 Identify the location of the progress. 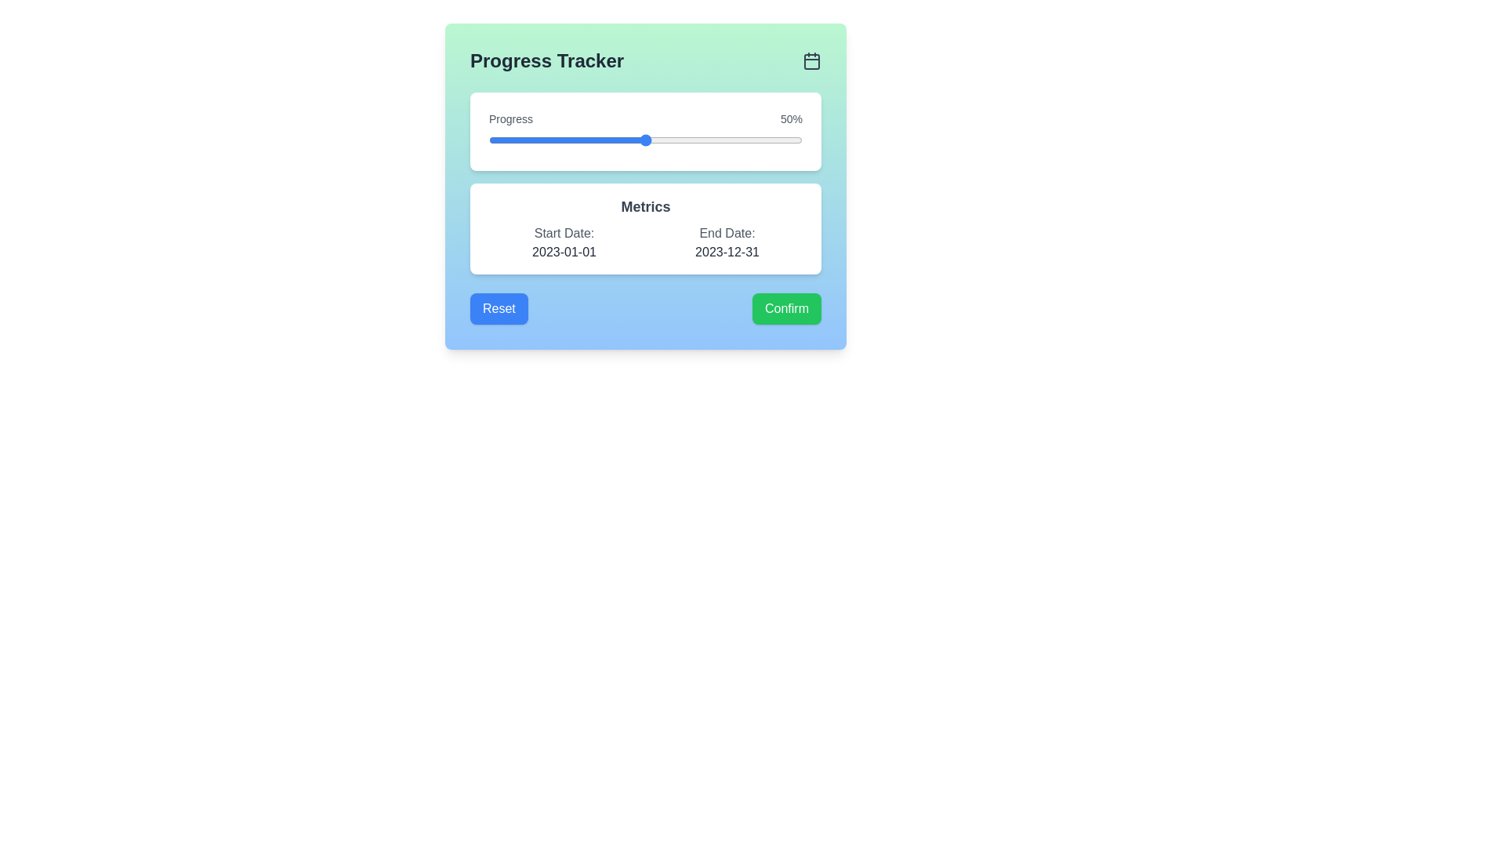
(616, 139).